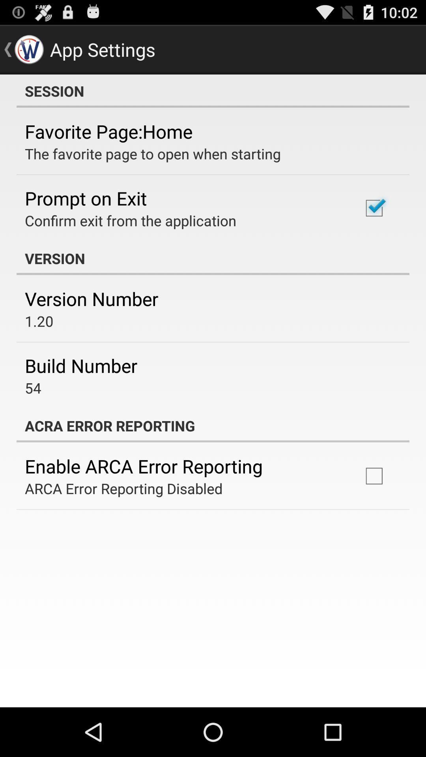  Describe the element at coordinates (213, 91) in the screenshot. I see `session app` at that location.